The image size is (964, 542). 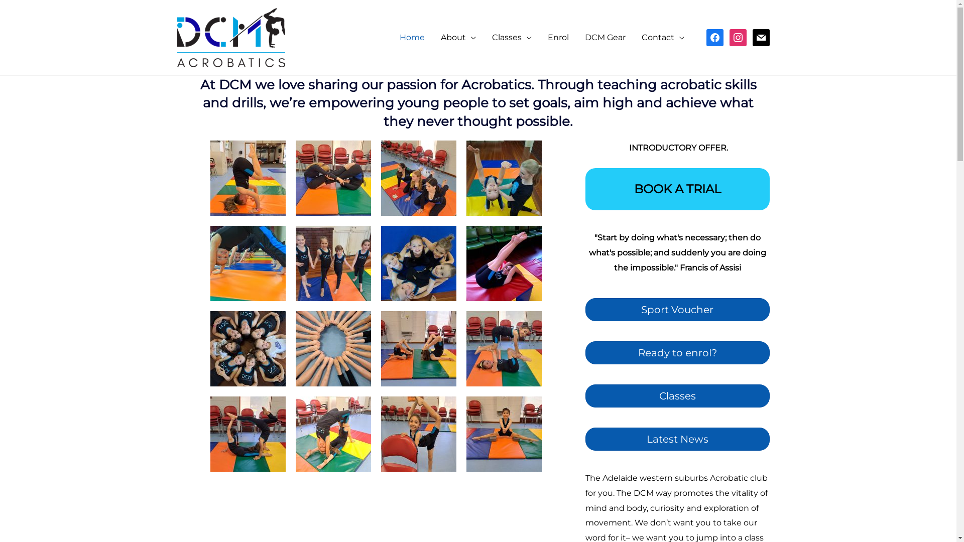 What do you see at coordinates (677, 439) in the screenshot?
I see `'Latest News'` at bounding box center [677, 439].